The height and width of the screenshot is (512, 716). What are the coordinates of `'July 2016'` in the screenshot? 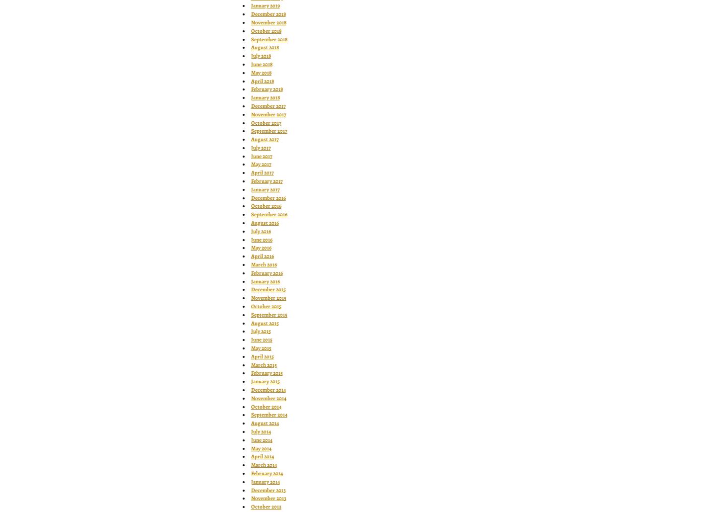 It's located at (260, 230).